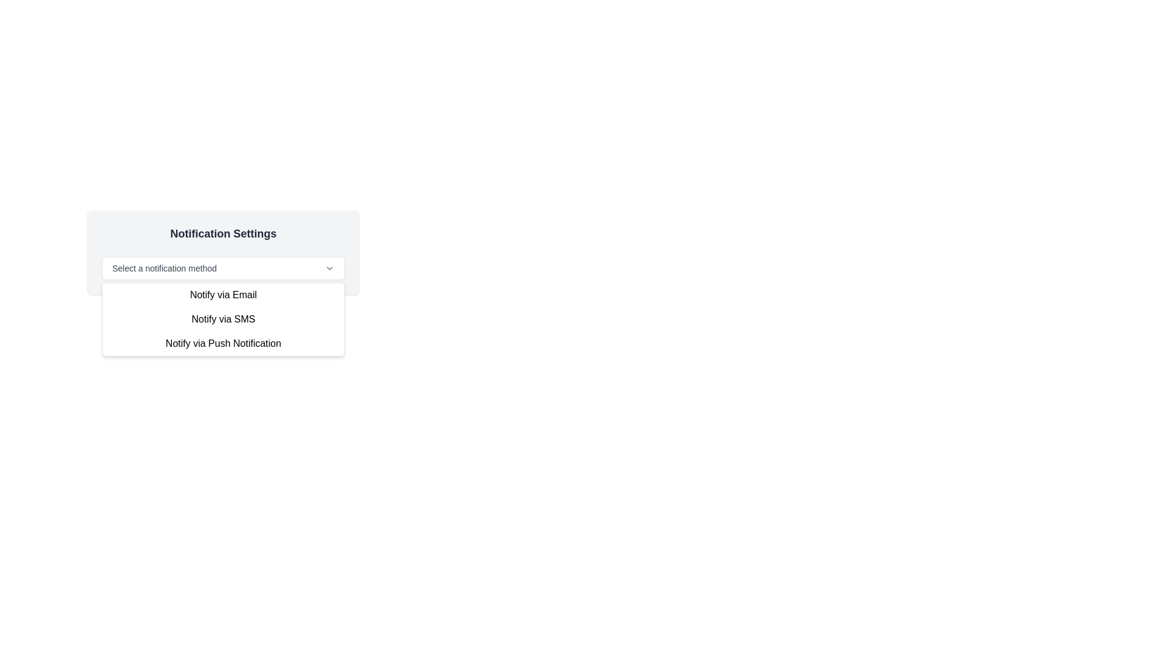 This screenshot has height=656, width=1166. What do you see at coordinates (329, 268) in the screenshot?
I see `the chevron down icon located at the right edge of the 'Select a notification method' dropdown` at bounding box center [329, 268].